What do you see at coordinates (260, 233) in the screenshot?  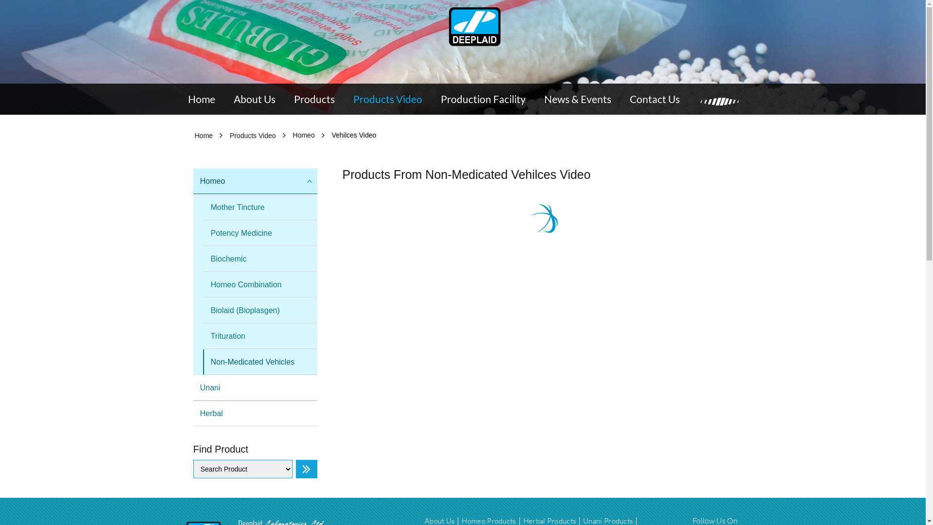 I see `'Potency Medicine'` at bounding box center [260, 233].